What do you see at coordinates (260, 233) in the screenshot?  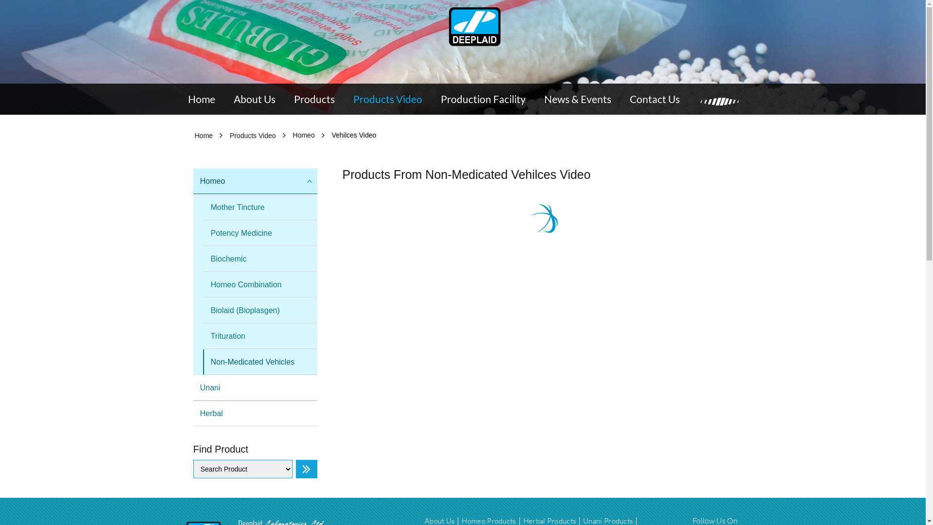 I see `'Potency Medicine'` at bounding box center [260, 233].